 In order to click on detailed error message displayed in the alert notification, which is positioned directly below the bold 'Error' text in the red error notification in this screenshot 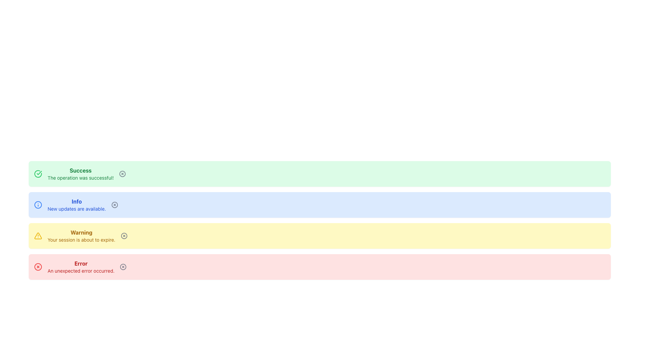, I will do `click(81, 270)`.